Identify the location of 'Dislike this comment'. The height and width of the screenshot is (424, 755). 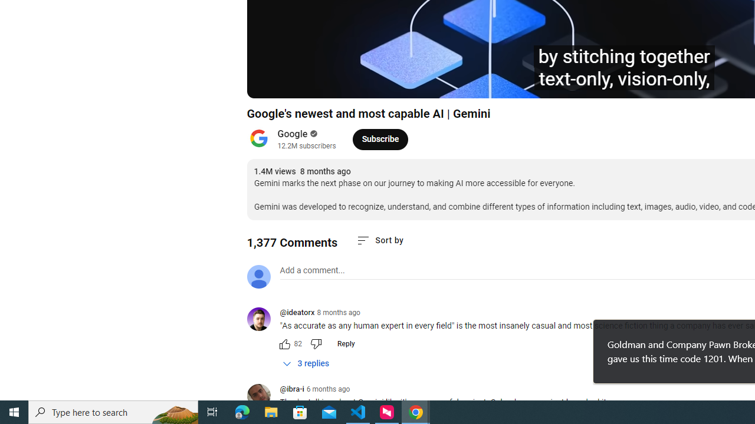
(316, 343).